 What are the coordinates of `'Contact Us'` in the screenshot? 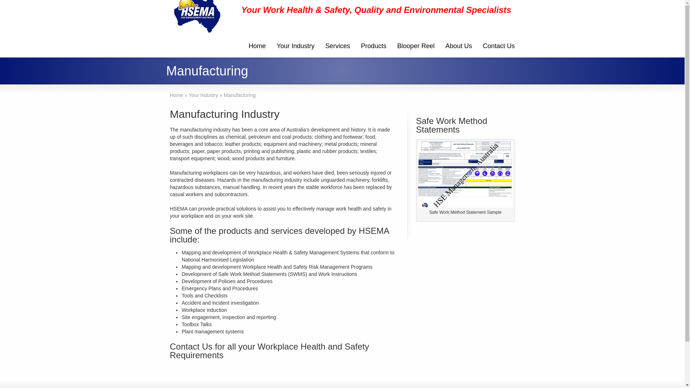 It's located at (191, 346).